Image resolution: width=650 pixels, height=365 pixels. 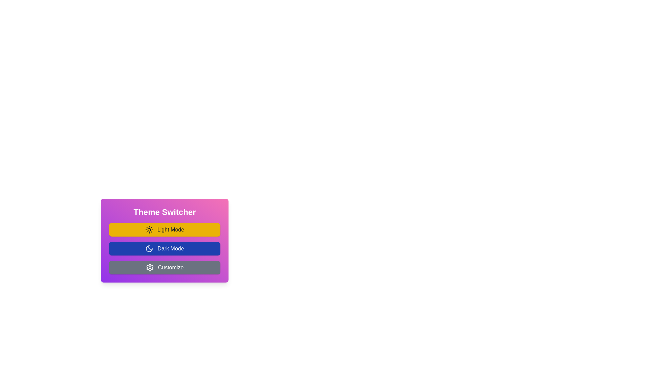 I want to click on the 'Dark Mode' button using tab navigation, so click(x=165, y=249).